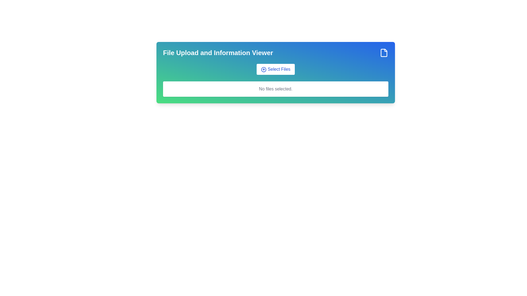 The height and width of the screenshot is (296, 527). Describe the element at coordinates (383, 53) in the screenshot. I see `the SVG file icon located in the top-right area of the header bar labeled 'File Upload and Information Viewer' to invoke a related action` at that location.